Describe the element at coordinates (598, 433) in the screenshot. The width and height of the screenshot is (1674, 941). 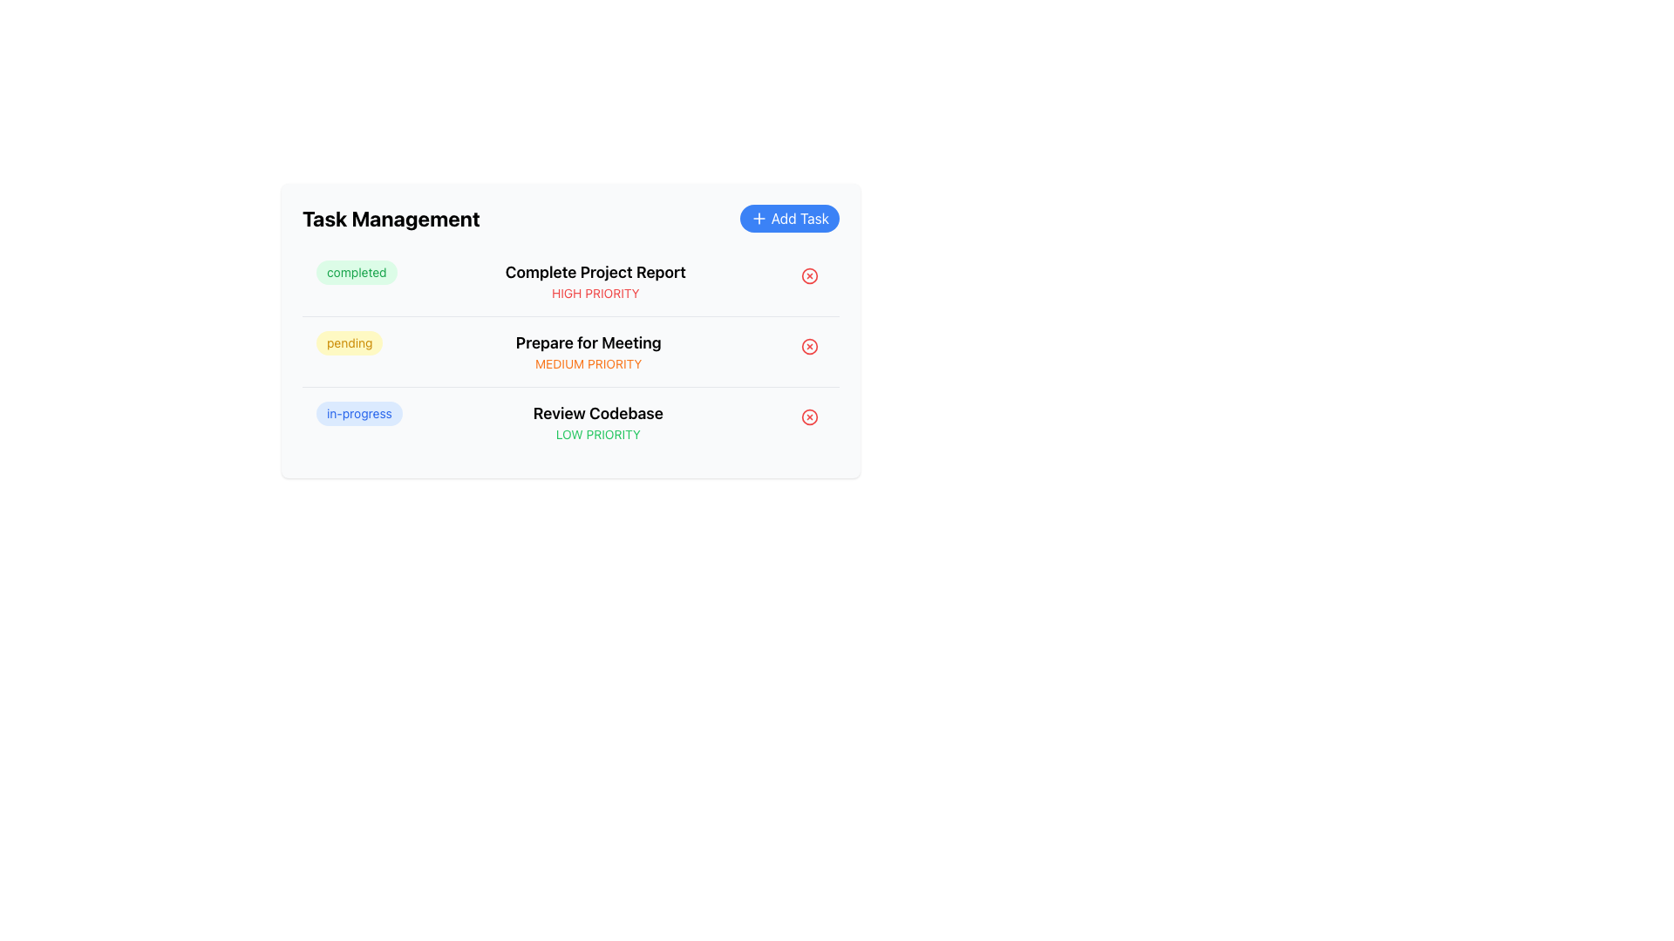
I see `the static text label that reads 'LOW PRIORITY', which is located under 'Review Codebase' in the task management interface` at that location.